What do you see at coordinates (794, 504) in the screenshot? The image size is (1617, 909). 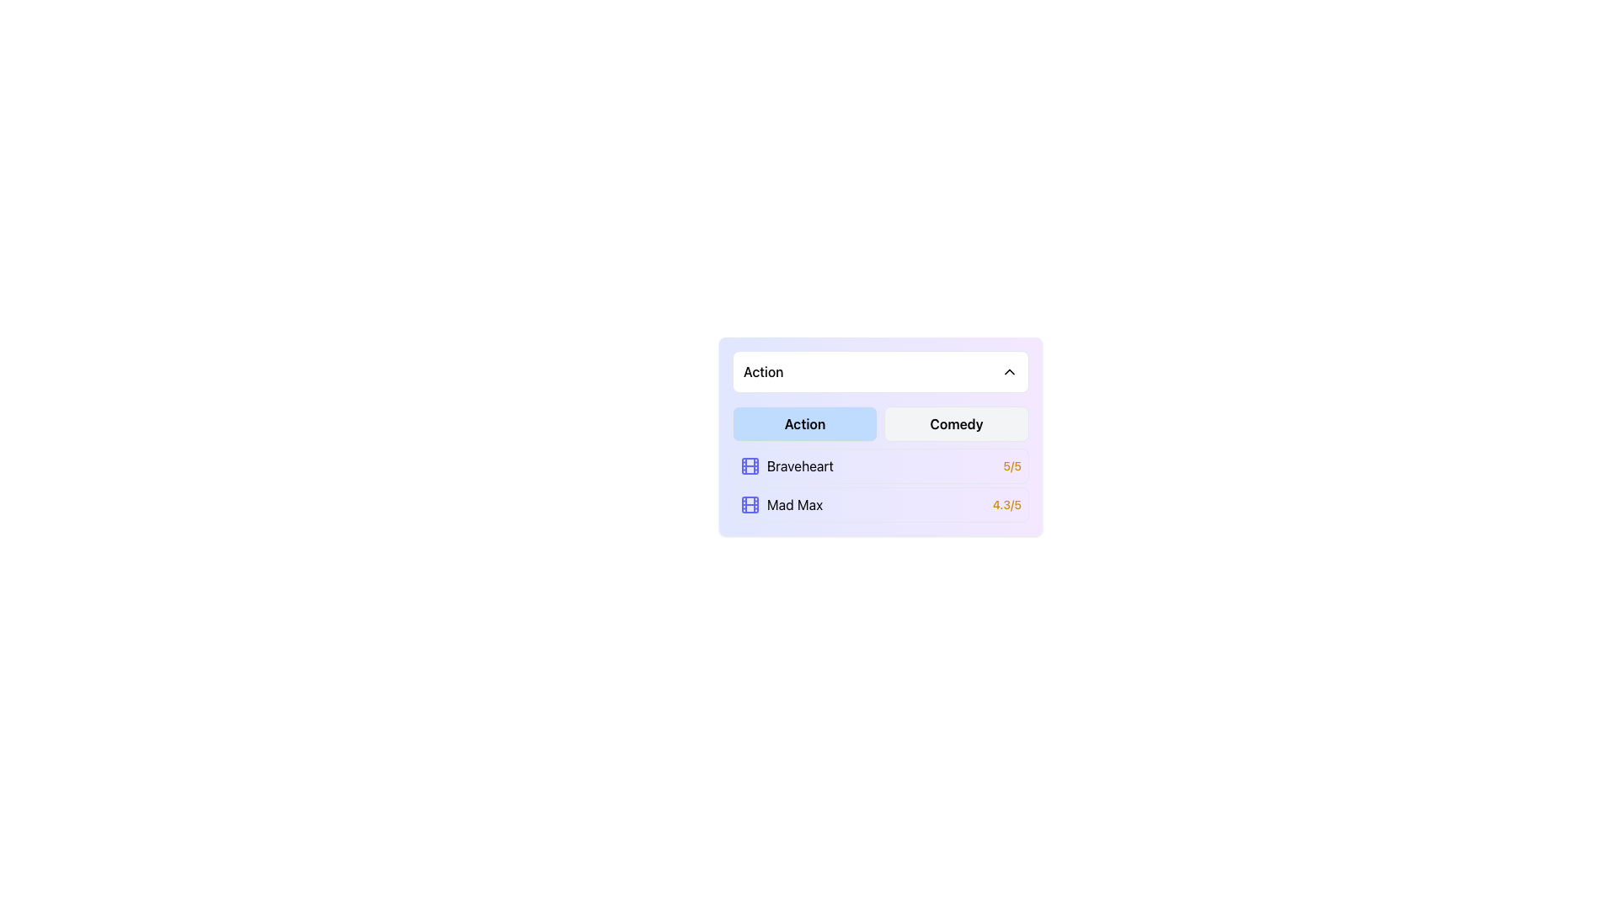 I see `the 'Mad Max' text label element, which is prominently displayed in bold font alongside a film icon, located in the second row of a movie selection list` at bounding box center [794, 504].